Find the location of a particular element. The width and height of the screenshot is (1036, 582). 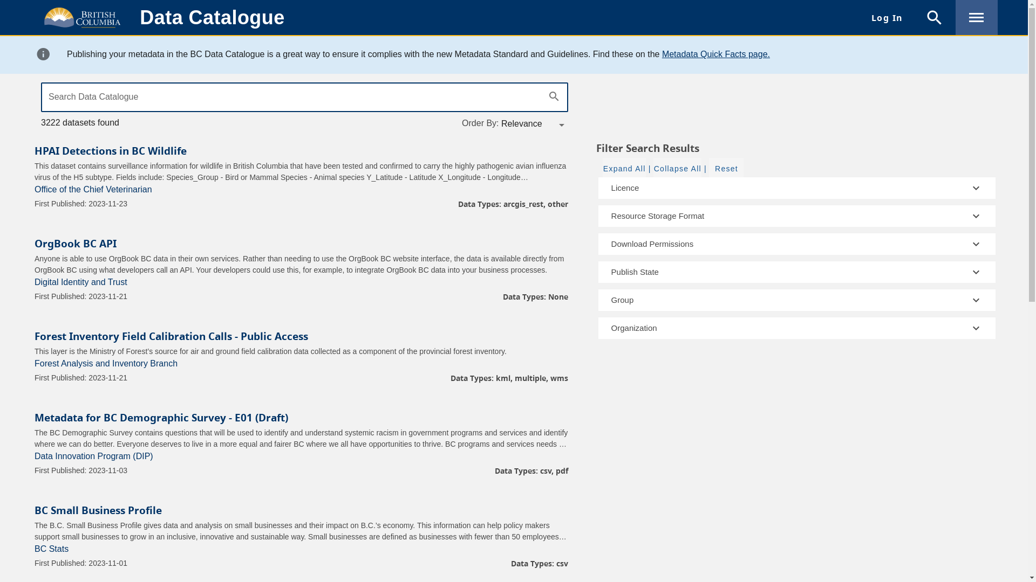

'OrgBook BC API' is located at coordinates (74, 243).